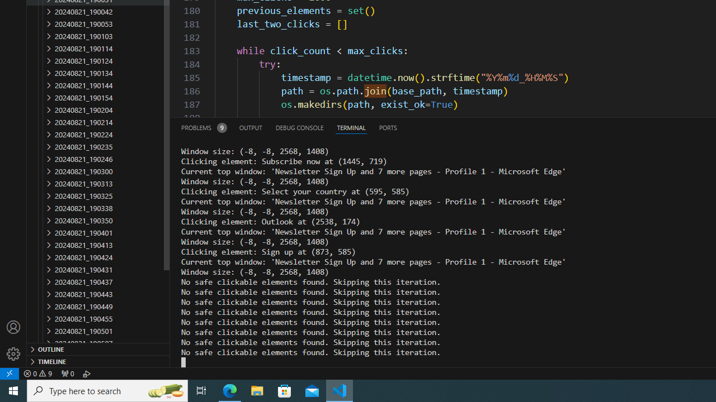 The height and width of the screenshot is (402, 716). Describe the element at coordinates (204, 127) in the screenshot. I see `'Problems (Ctrl+Shift+M) - Total 9 Problems'` at that location.